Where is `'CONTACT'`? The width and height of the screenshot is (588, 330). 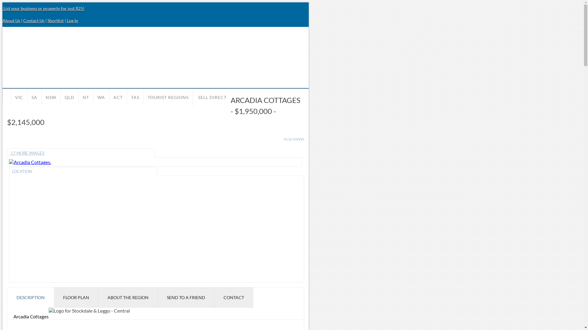 'CONTACT' is located at coordinates (233, 297).